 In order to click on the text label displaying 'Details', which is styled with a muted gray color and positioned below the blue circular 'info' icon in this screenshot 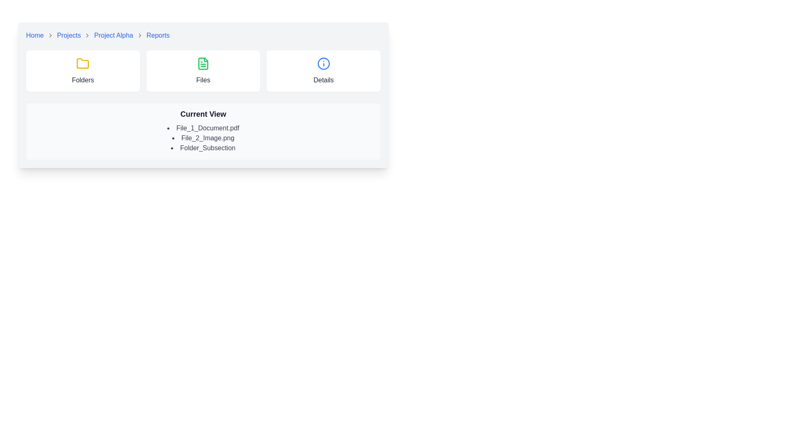, I will do `click(323, 80)`.